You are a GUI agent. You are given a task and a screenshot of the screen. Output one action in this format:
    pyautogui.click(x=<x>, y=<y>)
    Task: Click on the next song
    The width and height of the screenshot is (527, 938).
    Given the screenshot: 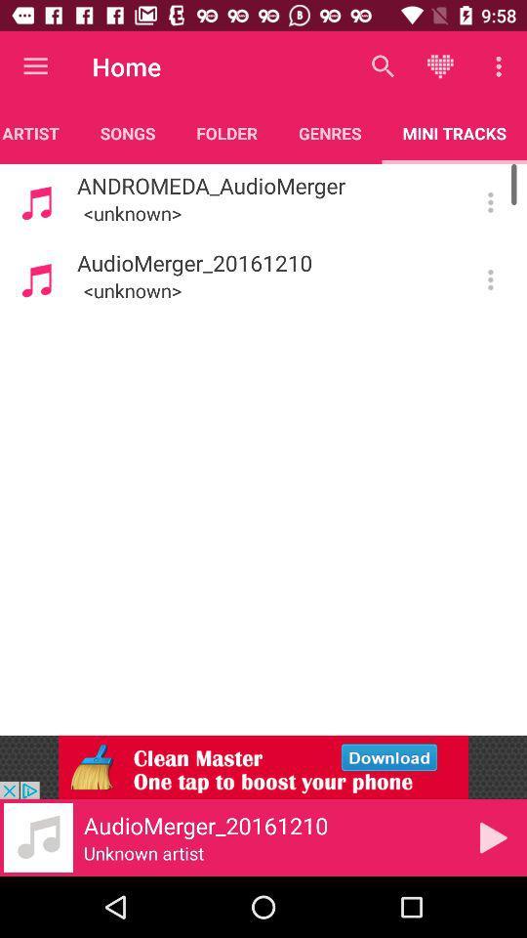 What is the action you would take?
    pyautogui.click(x=492, y=836)
    